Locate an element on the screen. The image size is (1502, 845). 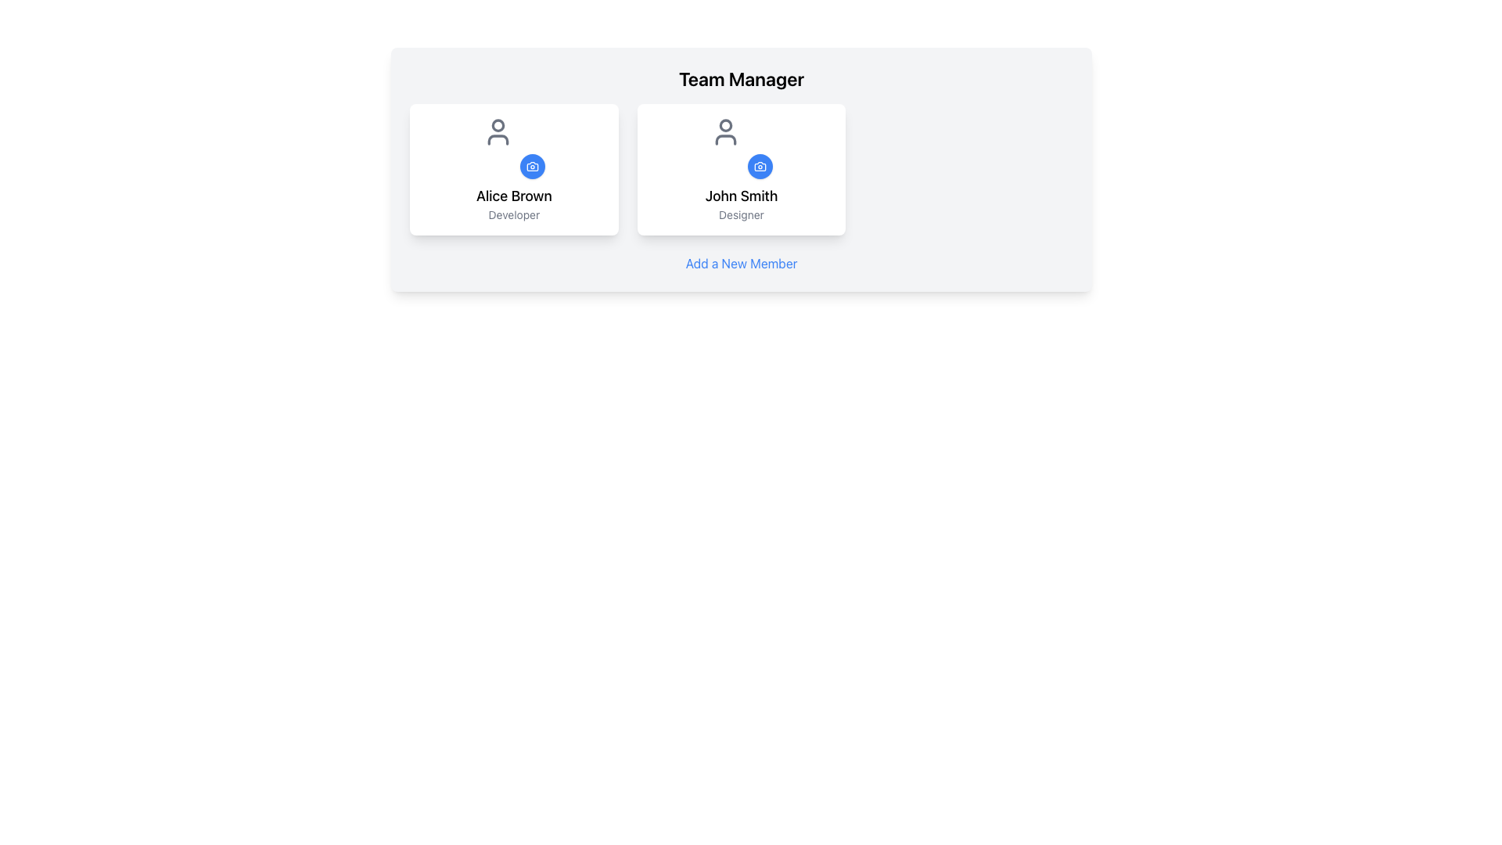
the button located at the bottom-right corner of the 'John Smith' profile card is located at coordinates (760, 166).